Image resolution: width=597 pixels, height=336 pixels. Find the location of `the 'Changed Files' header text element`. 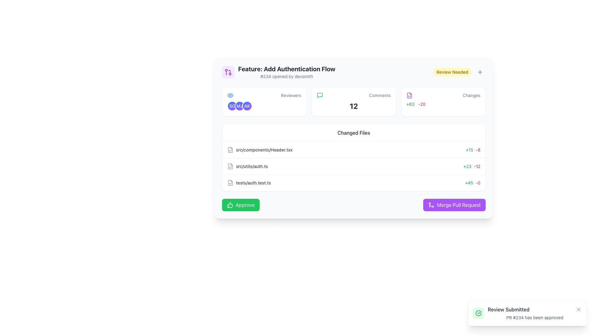

the 'Changed Files' header text element is located at coordinates (354, 133).